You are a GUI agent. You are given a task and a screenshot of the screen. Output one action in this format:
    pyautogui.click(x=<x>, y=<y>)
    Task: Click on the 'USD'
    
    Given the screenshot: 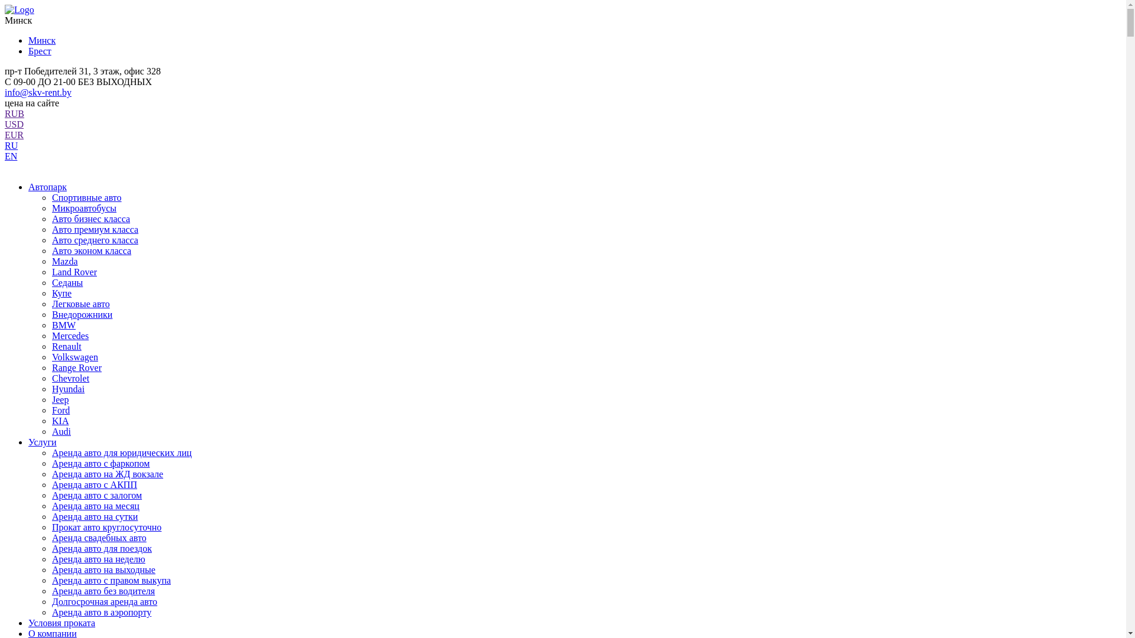 What is the action you would take?
    pyautogui.click(x=14, y=124)
    